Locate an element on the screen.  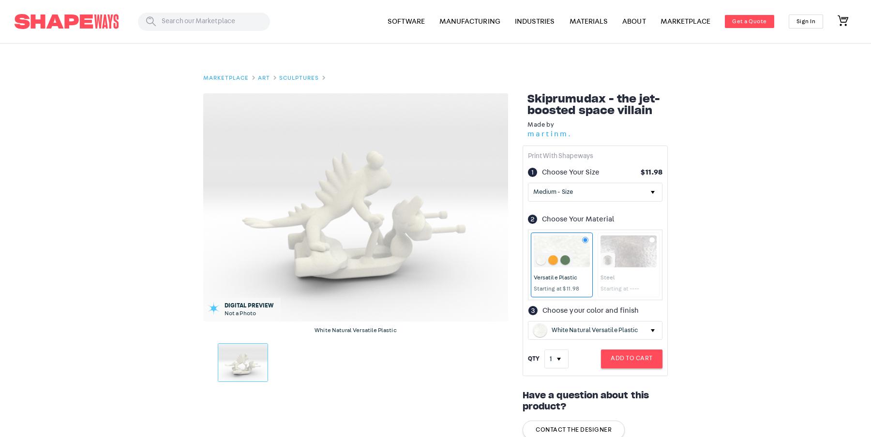
'Medium - Size' is located at coordinates (552, 191).